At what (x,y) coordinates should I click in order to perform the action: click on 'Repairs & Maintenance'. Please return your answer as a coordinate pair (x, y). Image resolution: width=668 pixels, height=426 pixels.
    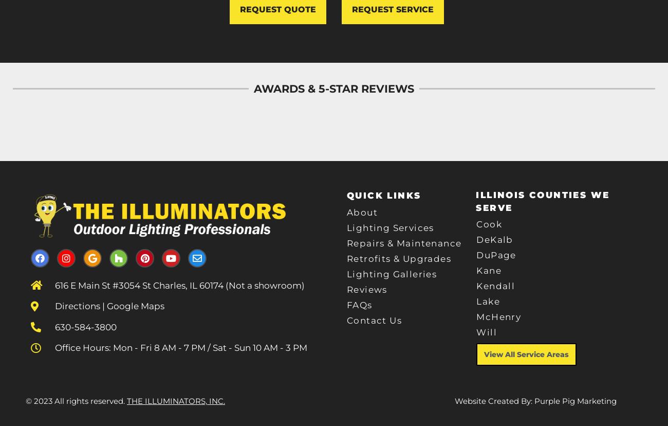
    Looking at the image, I should click on (403, 243).